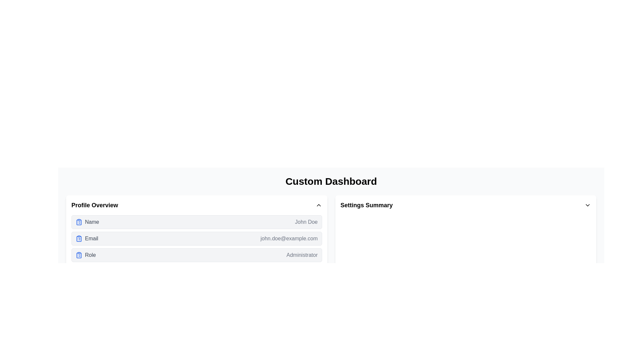 The image size is (635, 357). I want to click on the 'Role' label in the 'Profile Overview' section, located to the right of the clipboard icon, so click(90, 255).